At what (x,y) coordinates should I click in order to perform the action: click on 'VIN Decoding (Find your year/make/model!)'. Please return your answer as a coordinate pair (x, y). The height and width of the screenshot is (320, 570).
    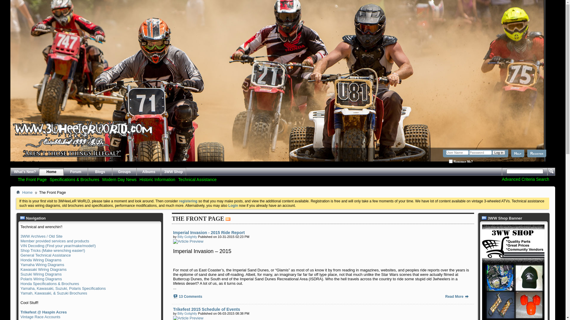
    Looking at the image, I should click on (58, 246).